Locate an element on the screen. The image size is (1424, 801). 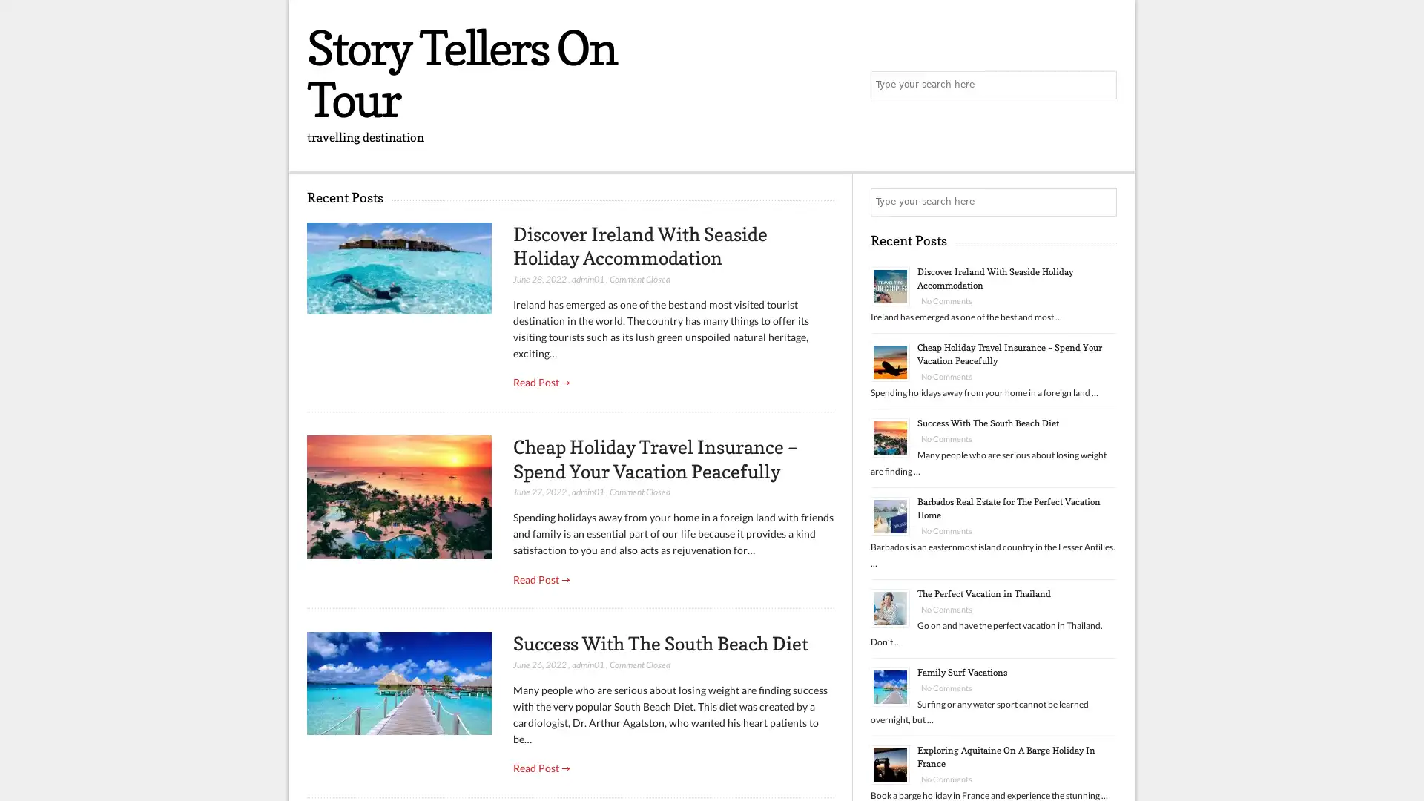
Search is located at coordinates (1101, 85).